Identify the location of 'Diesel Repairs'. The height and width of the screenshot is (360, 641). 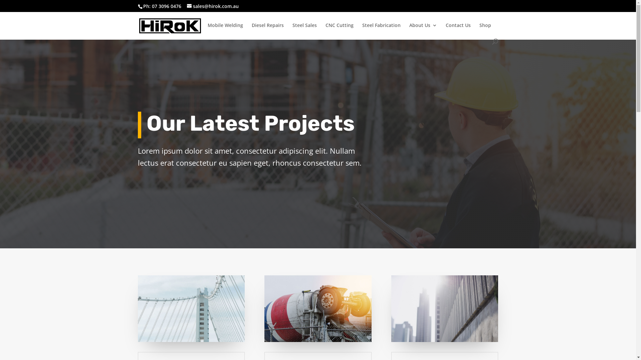
(251, 31).